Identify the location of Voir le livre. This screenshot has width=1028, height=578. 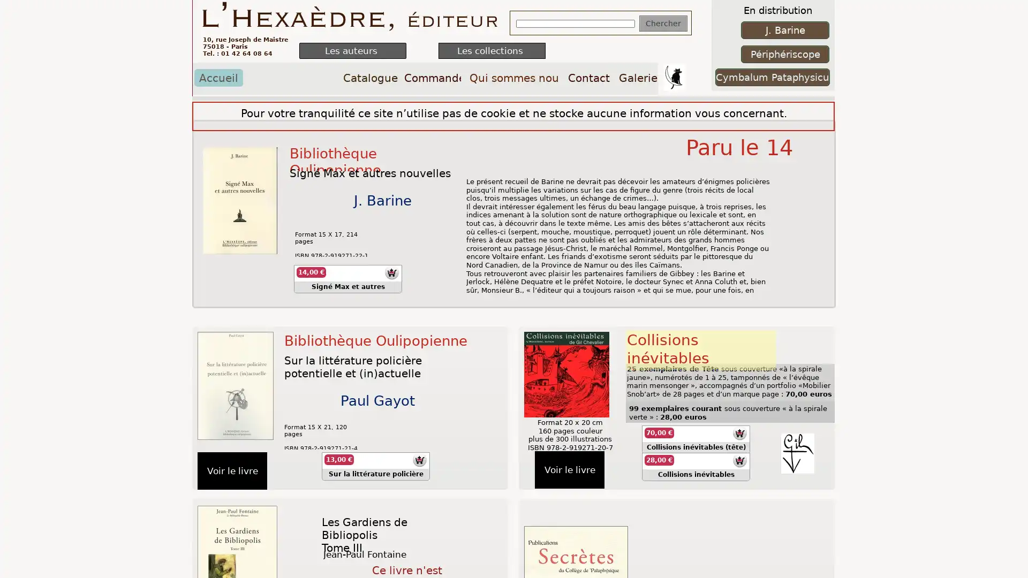
(569, 469).